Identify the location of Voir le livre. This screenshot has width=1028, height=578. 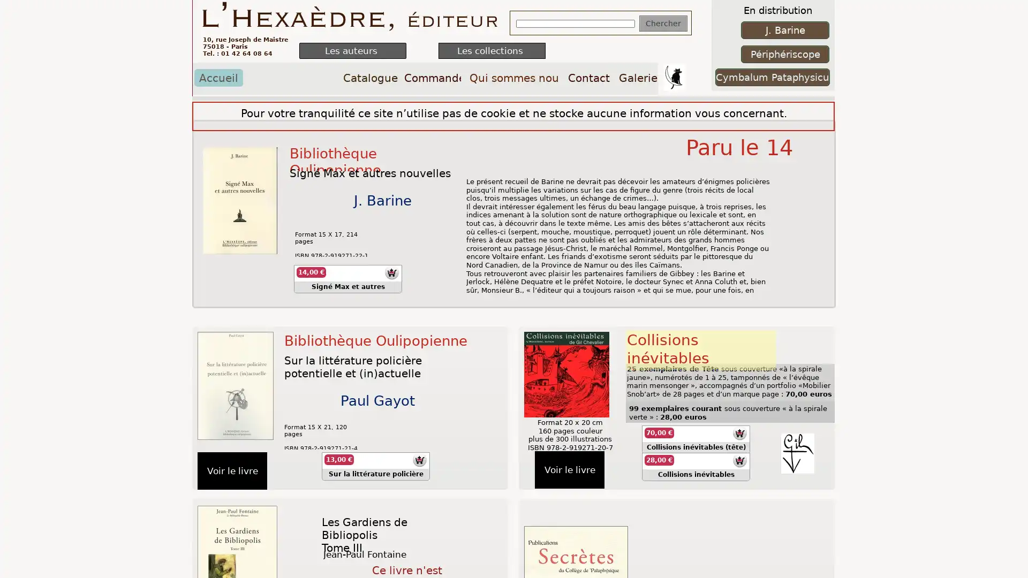
(569, 469).